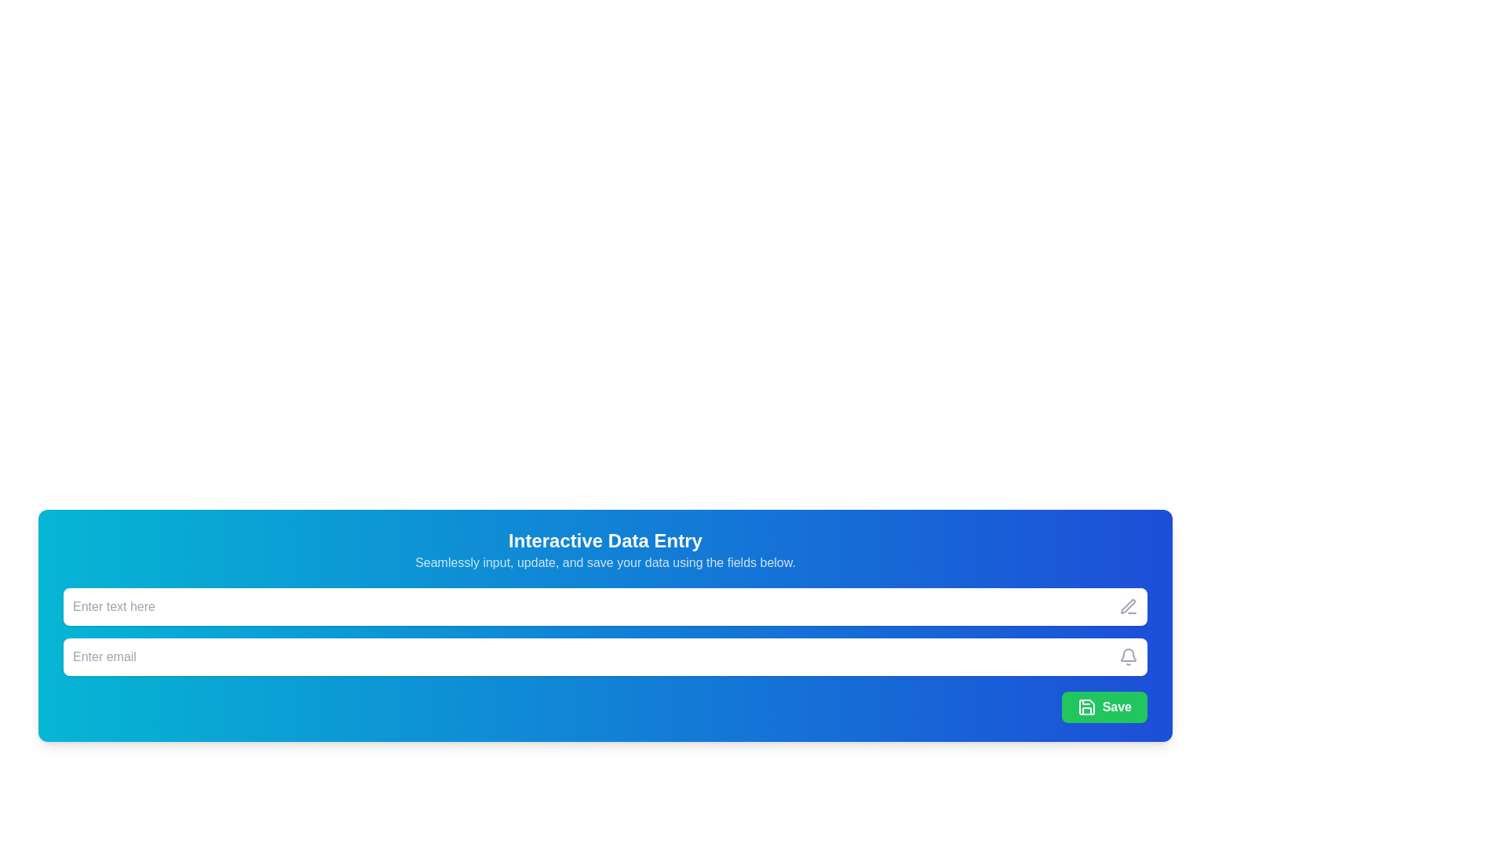 The width and height of the screenshot is (1507, 847). I want to click on the green 'Save' button with a floppy disk icon, so click(1104, 707).